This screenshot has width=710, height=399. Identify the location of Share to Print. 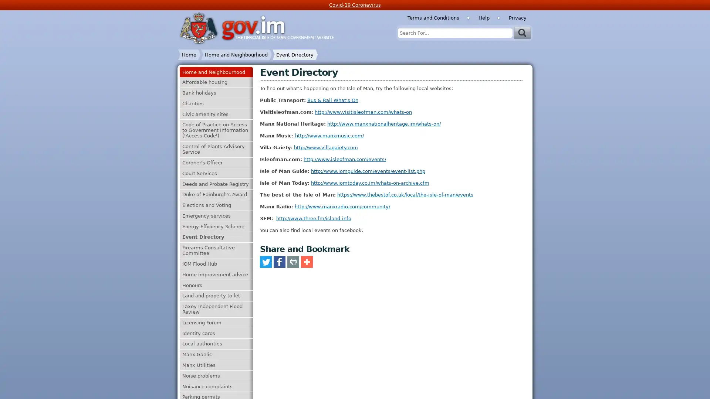
(293, 261).